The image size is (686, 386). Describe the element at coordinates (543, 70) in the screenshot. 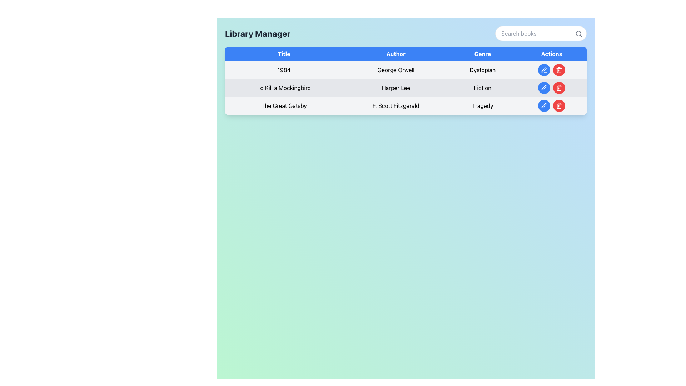

I see `the circular blue button with a white pen icon located in the 'Actions' column of the first row in the table` at that location.